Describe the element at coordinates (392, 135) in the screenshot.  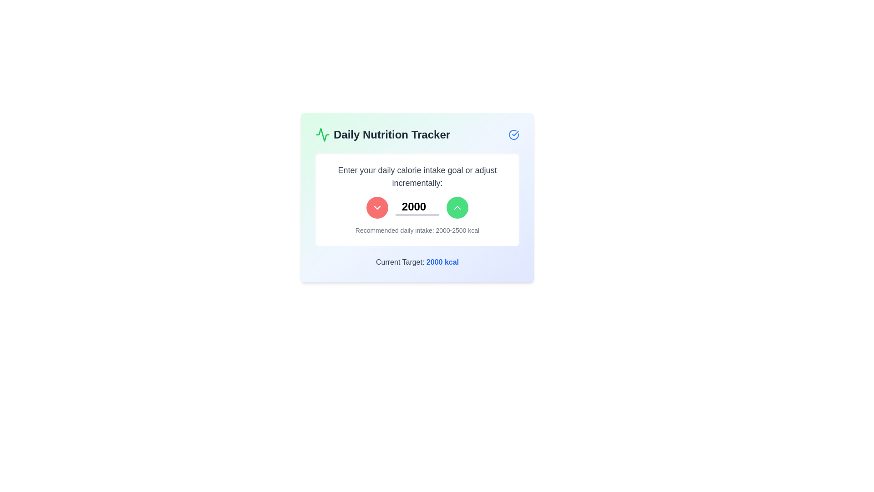
I see `the static text element displaying 'Daily Nutrition Tracker' which is styled in bold and dark gray color, located at the top section of the content box` at that location.